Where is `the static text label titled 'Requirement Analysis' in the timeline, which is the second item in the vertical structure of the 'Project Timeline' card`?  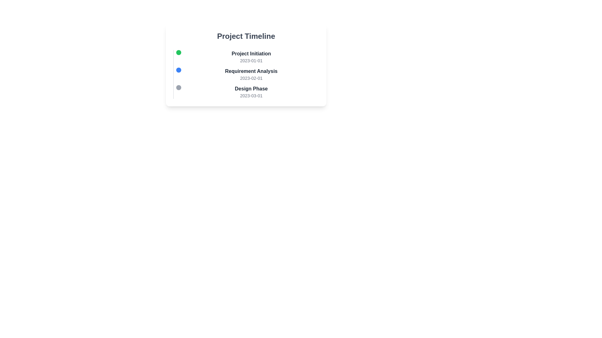 the static text label titled 'Requirement Analysis' in the timeline, which is the second item in the vertical structure of the 'Project Timeline' card is located at coordinates (251, 71).